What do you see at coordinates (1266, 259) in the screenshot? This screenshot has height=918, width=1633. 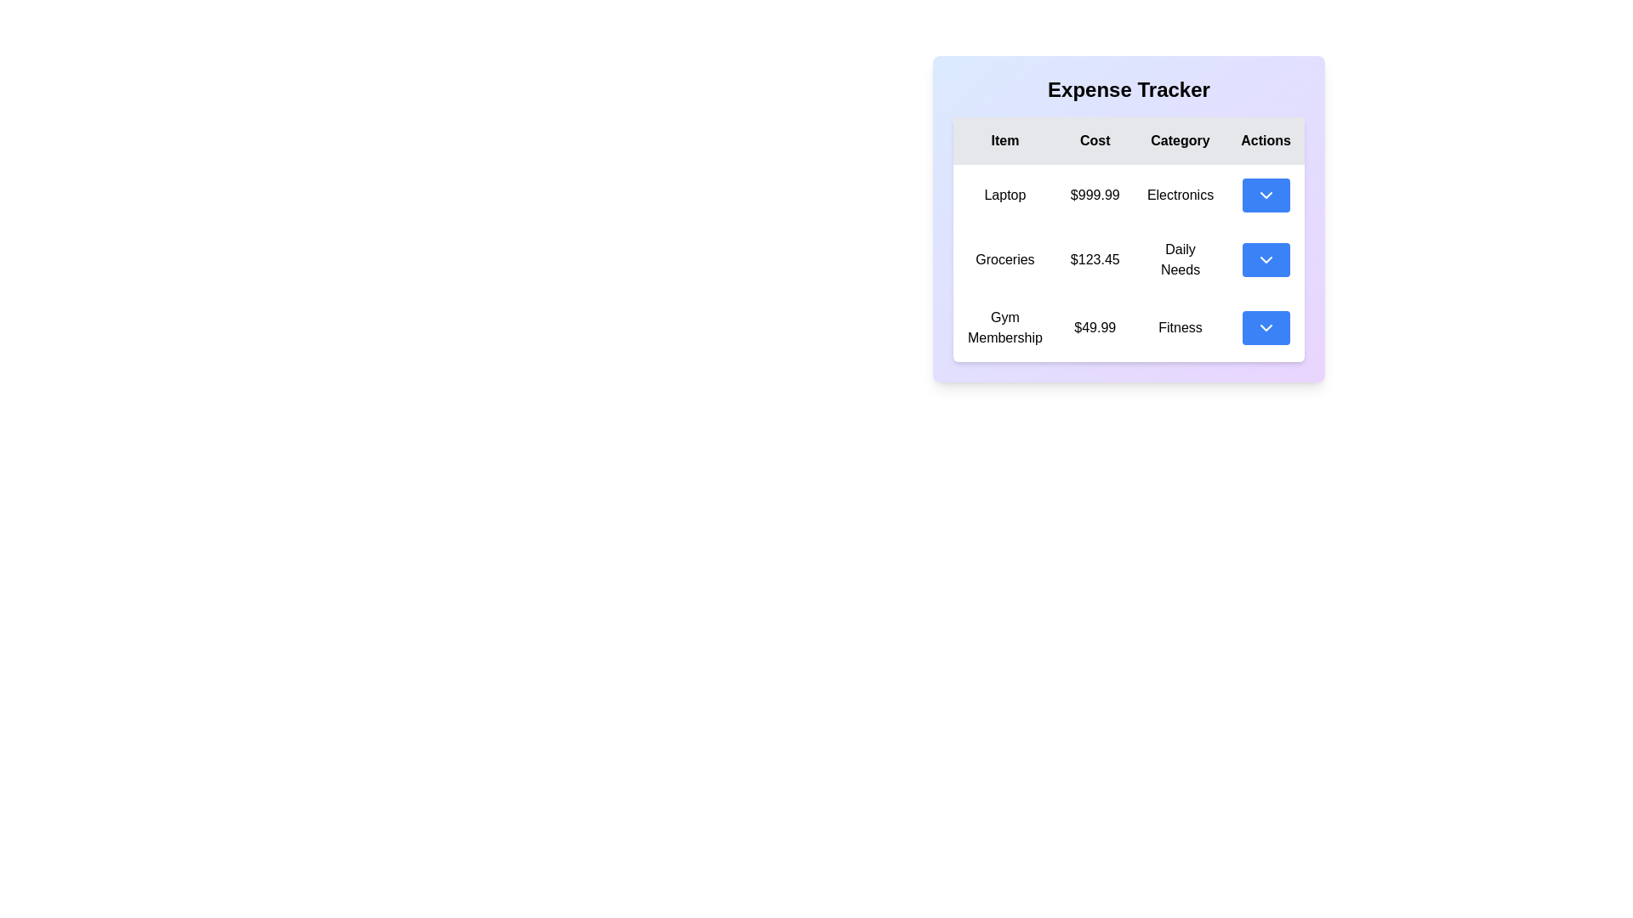 I see `the blue button with rounded corners and a white downward-facing chevron icon located in the 'Actions' column of the 'Expense Tracker' table, specifically in the second row under the 'Groceries' item` at bounding box center [1266, 259].